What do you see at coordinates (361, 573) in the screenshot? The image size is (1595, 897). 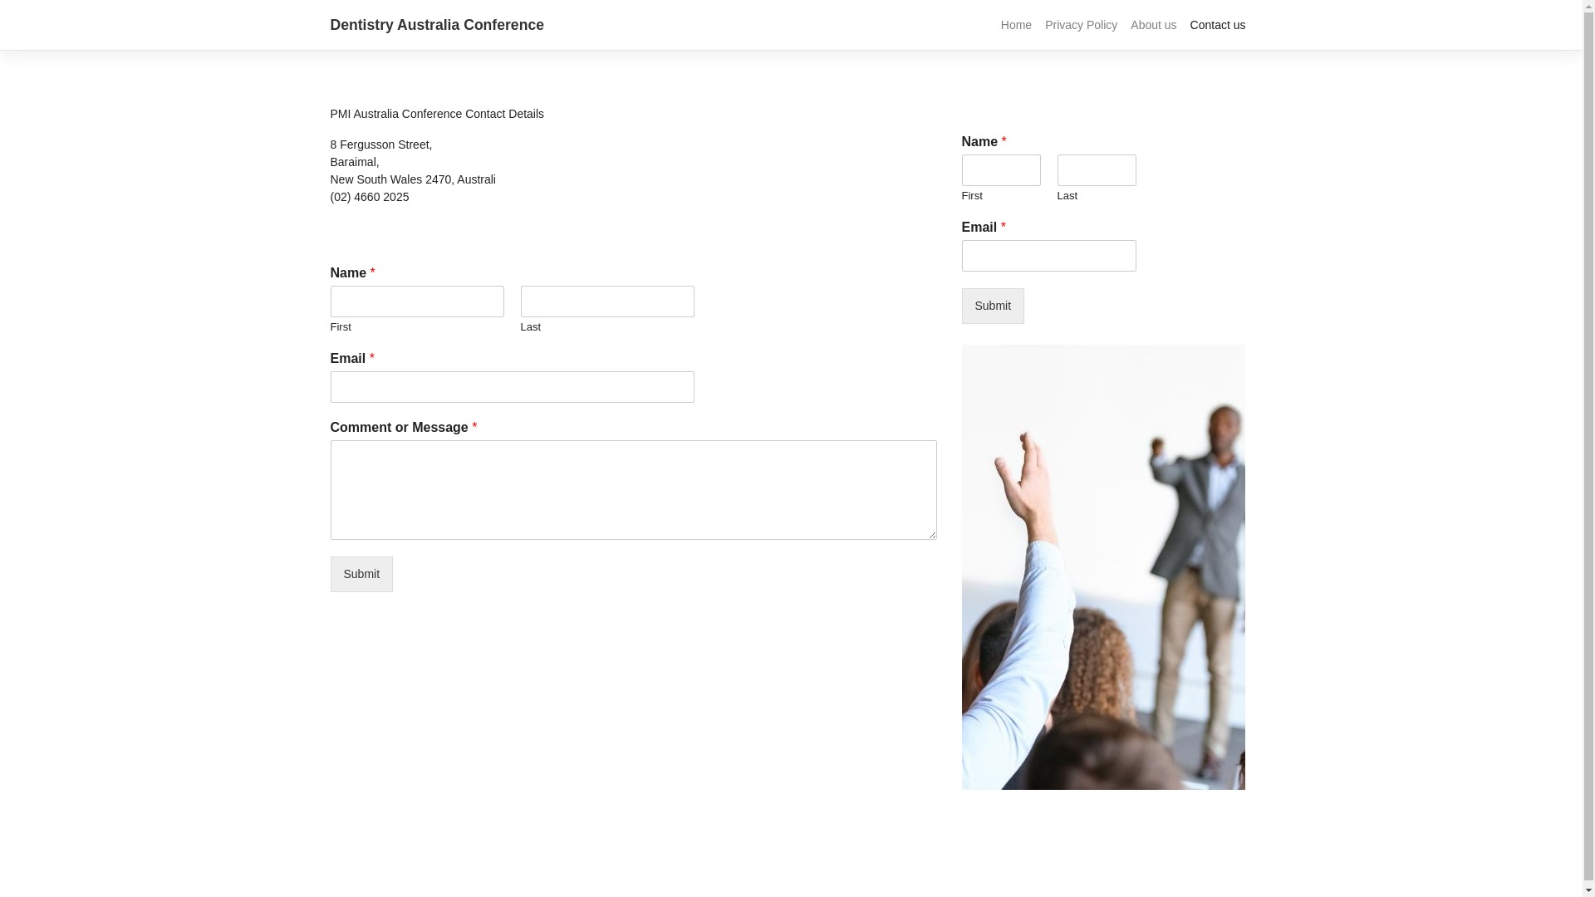 I see `'Submit'` at bounding box center [361, 573].